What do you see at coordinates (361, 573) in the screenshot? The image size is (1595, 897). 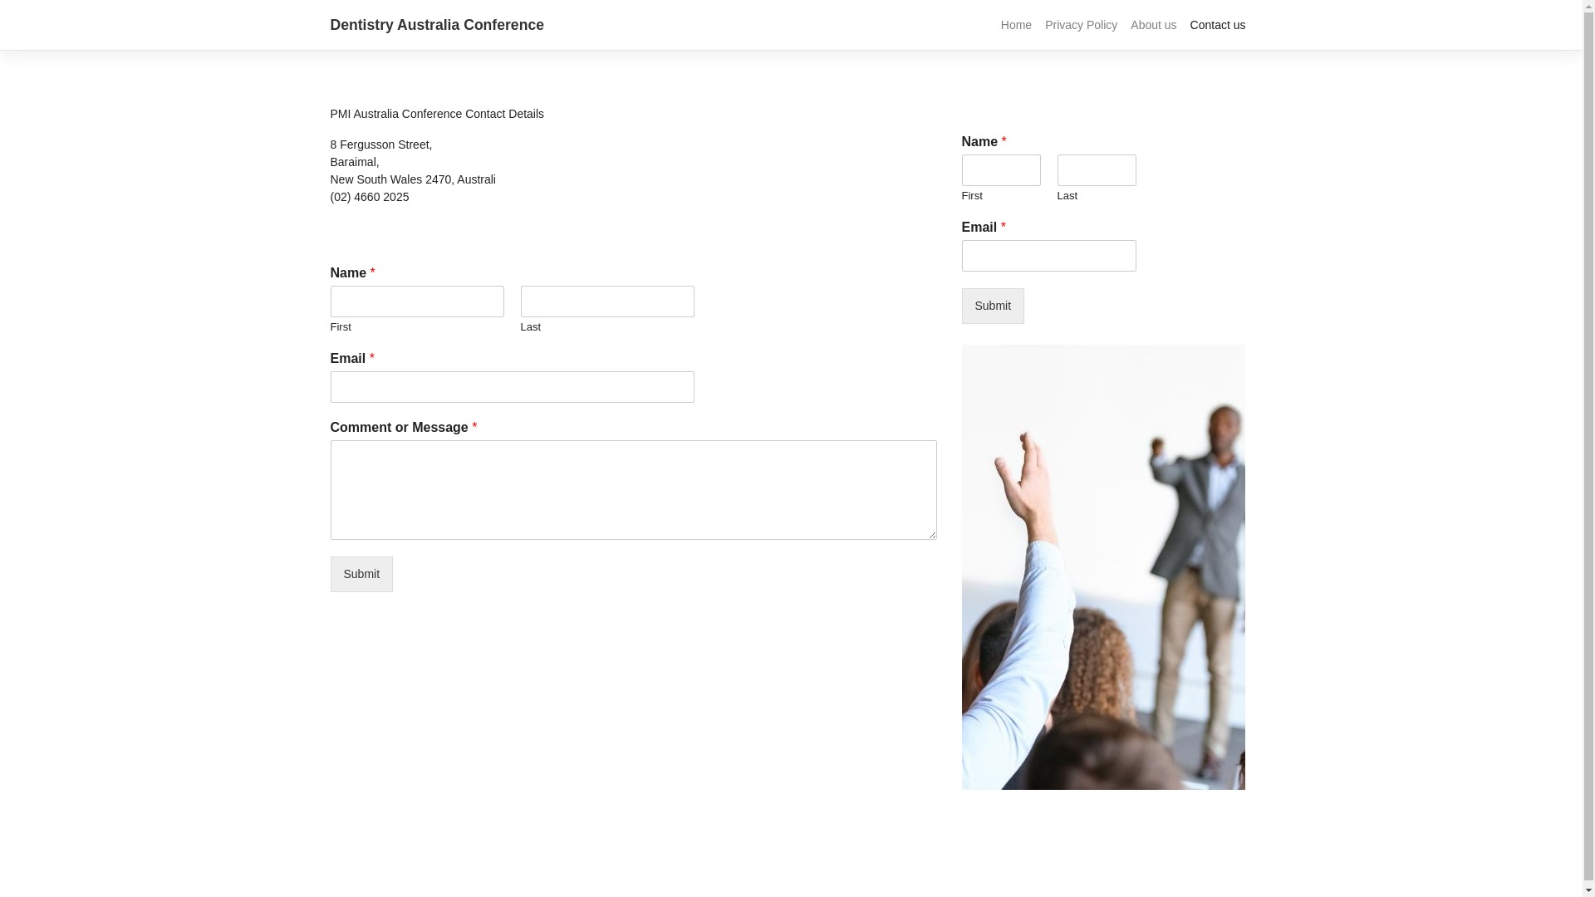 I see `'Submit'` at bounding box center [361, 573].